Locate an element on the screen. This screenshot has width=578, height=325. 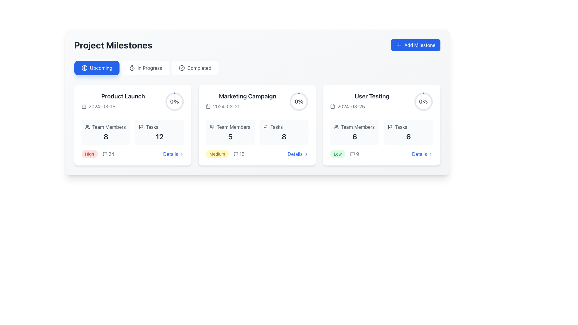
priority labeled 'Low' and the comment count '9' from the informational row at the bottom of the 'User Testing' card is located at coordinates (381, 154).